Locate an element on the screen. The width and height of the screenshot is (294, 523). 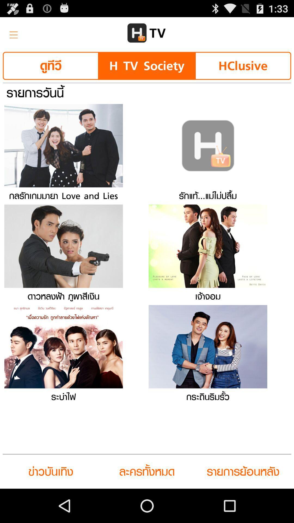
the item next to the hclusive button is located at coordinates (146, 65).